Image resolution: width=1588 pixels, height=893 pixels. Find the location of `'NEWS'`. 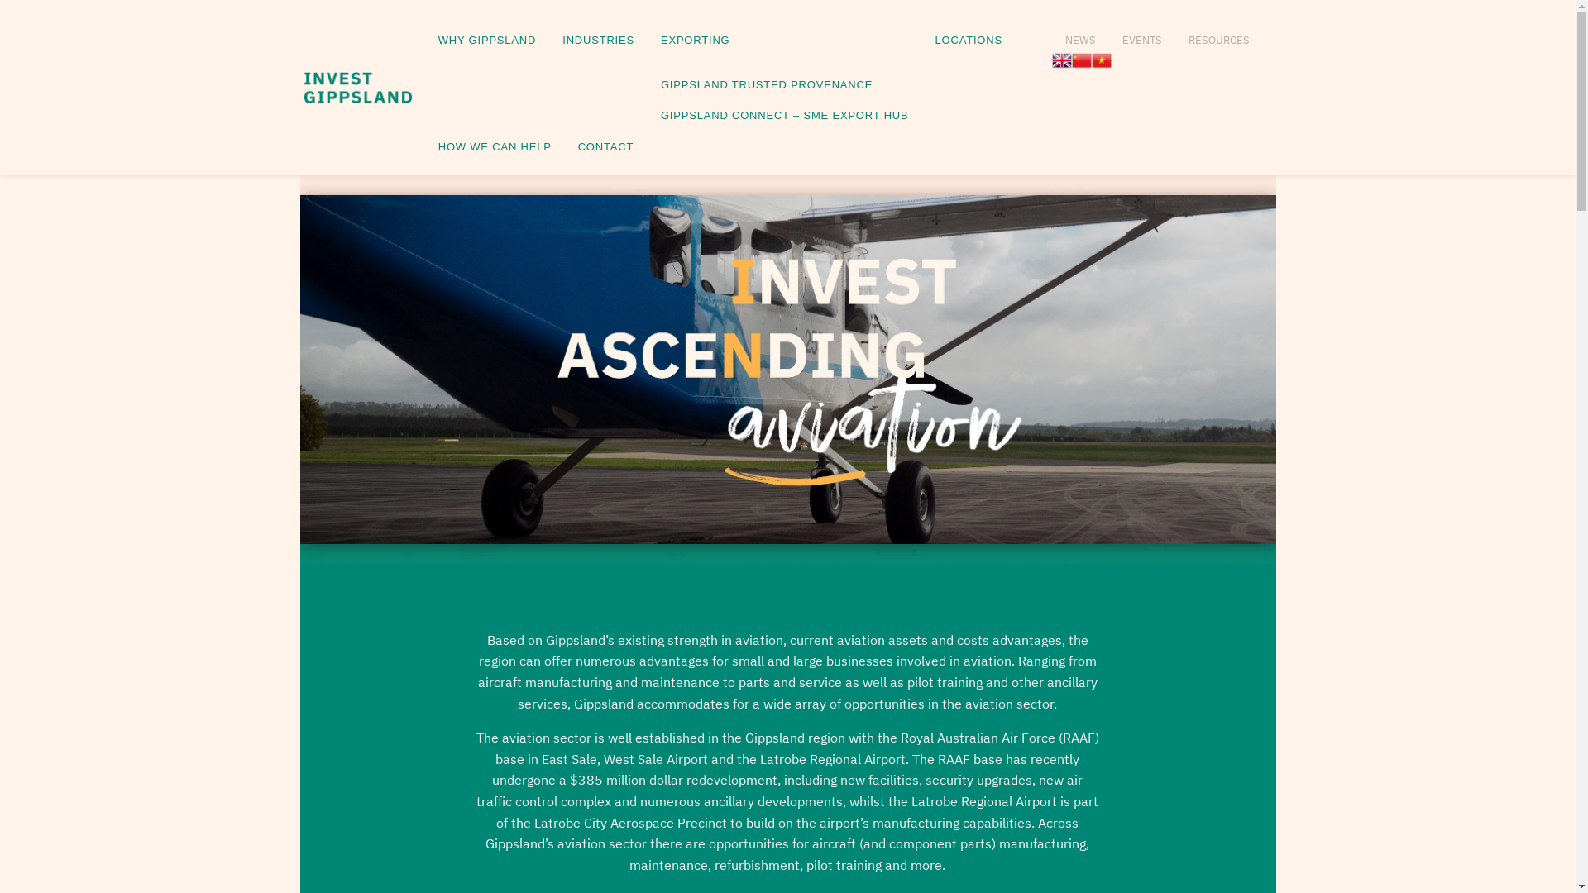

'NEWS' is located at coordinates (1051, 35).